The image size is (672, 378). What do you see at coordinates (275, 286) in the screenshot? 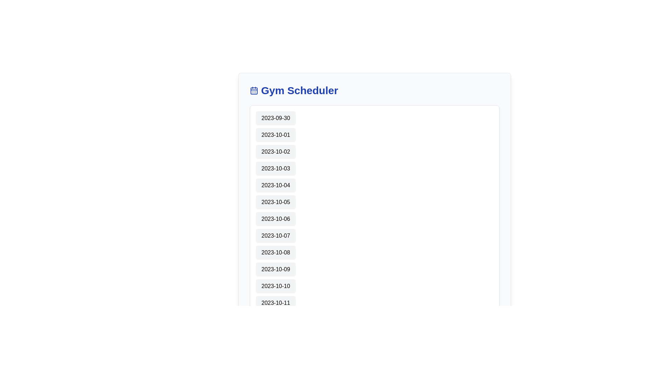
I see `the button displaying the date '2023-10-10'` at bounding box center [275, 286].